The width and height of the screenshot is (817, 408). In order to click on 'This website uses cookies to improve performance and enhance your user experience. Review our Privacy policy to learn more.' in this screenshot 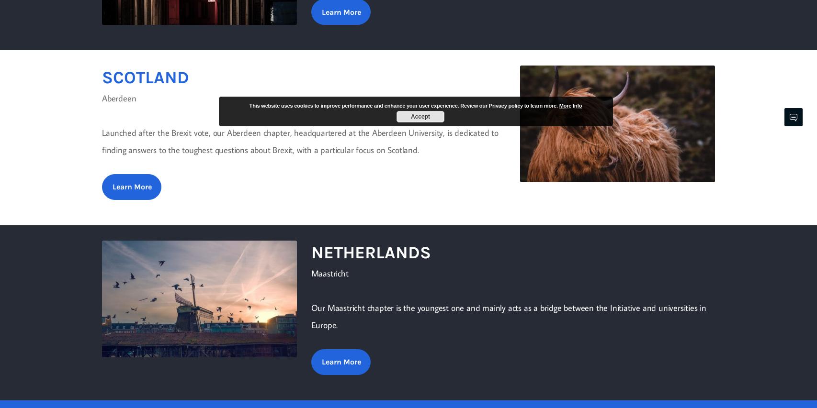, I will do `click(403, 105)`.